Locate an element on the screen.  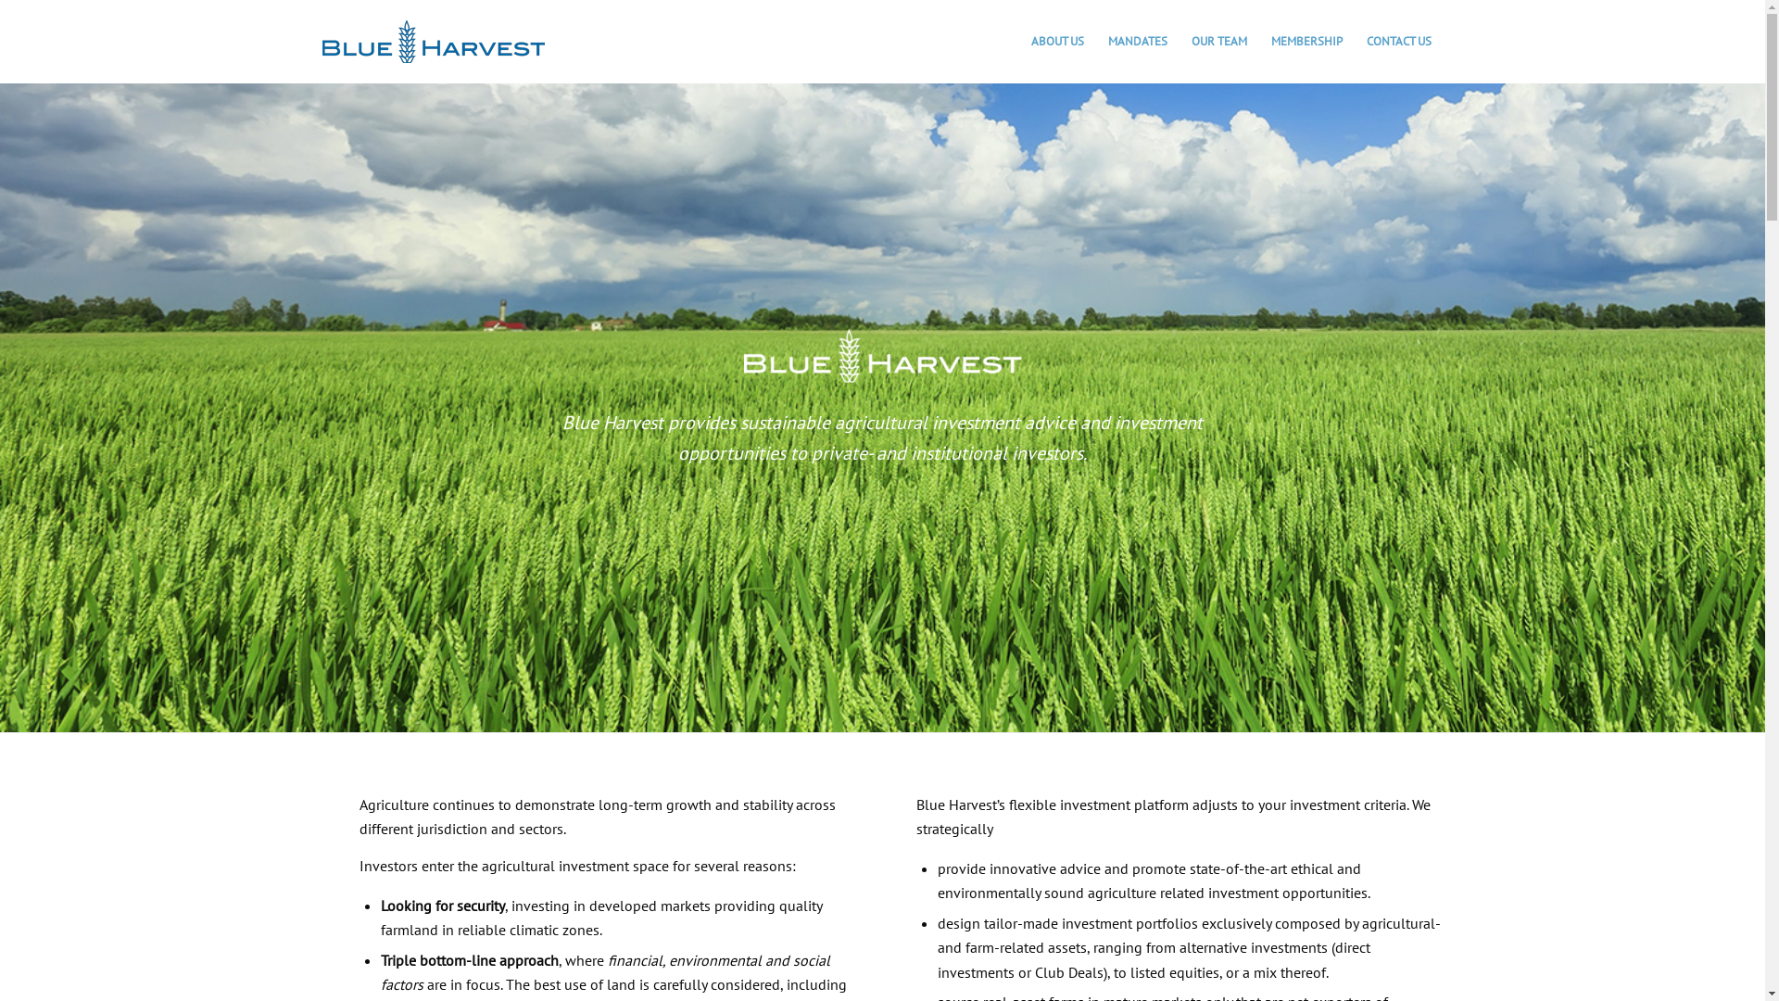
'CONTACT US' is located at coordinates (1399, 42).